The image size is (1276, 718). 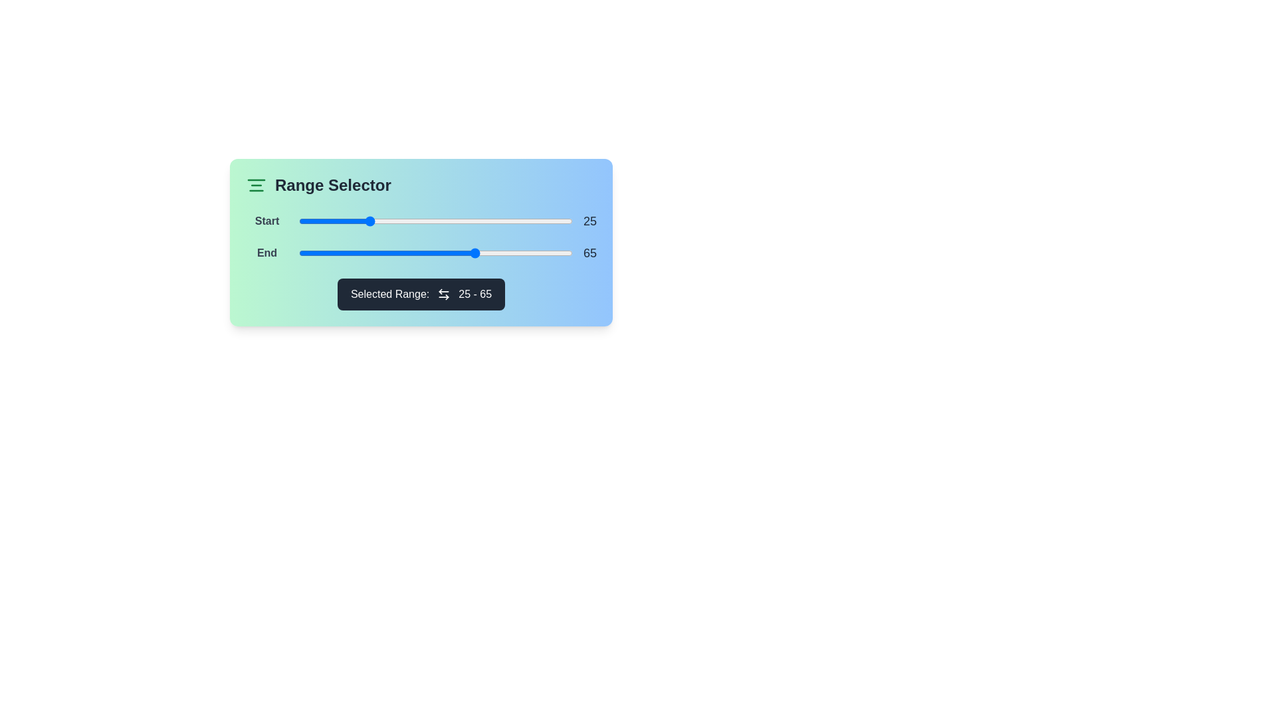 What do you see at coordinates (324, 220) in the screenshot?
I see `the start range slider to 9` at bounding box center [324, 220].